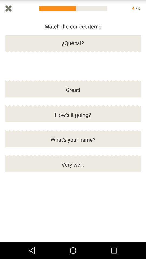 Image resolution: width=146 pixels, height=259 pixels. Describe the element at coordinates (73, 117) in the screenshot. I see `the text hows it going` at that location.